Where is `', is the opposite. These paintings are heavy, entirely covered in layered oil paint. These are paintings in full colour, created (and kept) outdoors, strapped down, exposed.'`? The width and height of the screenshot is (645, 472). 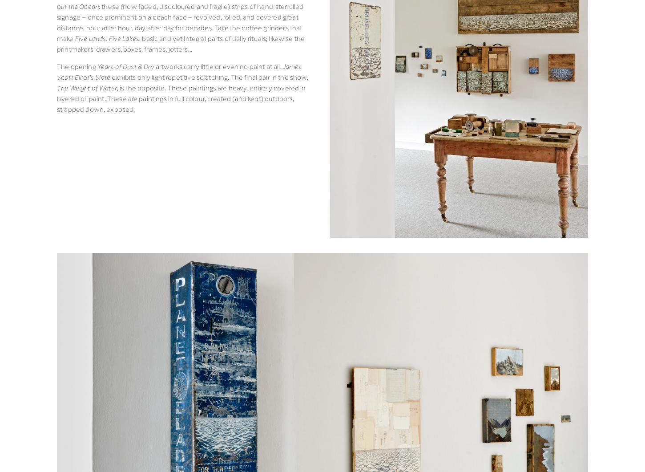 ', is the opposite. These paintings are heavy, entirely covered in layered oil paint. These are paintings in full colour, created (and kept) outdoors, strapped down, exposed.' is located at coordinates (181, 97).